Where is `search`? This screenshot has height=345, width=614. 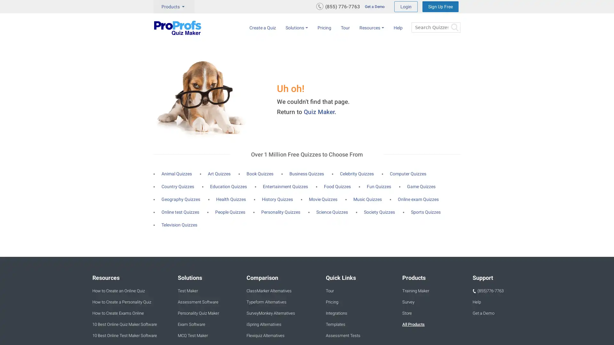 search is located at coordinates (454, 27).